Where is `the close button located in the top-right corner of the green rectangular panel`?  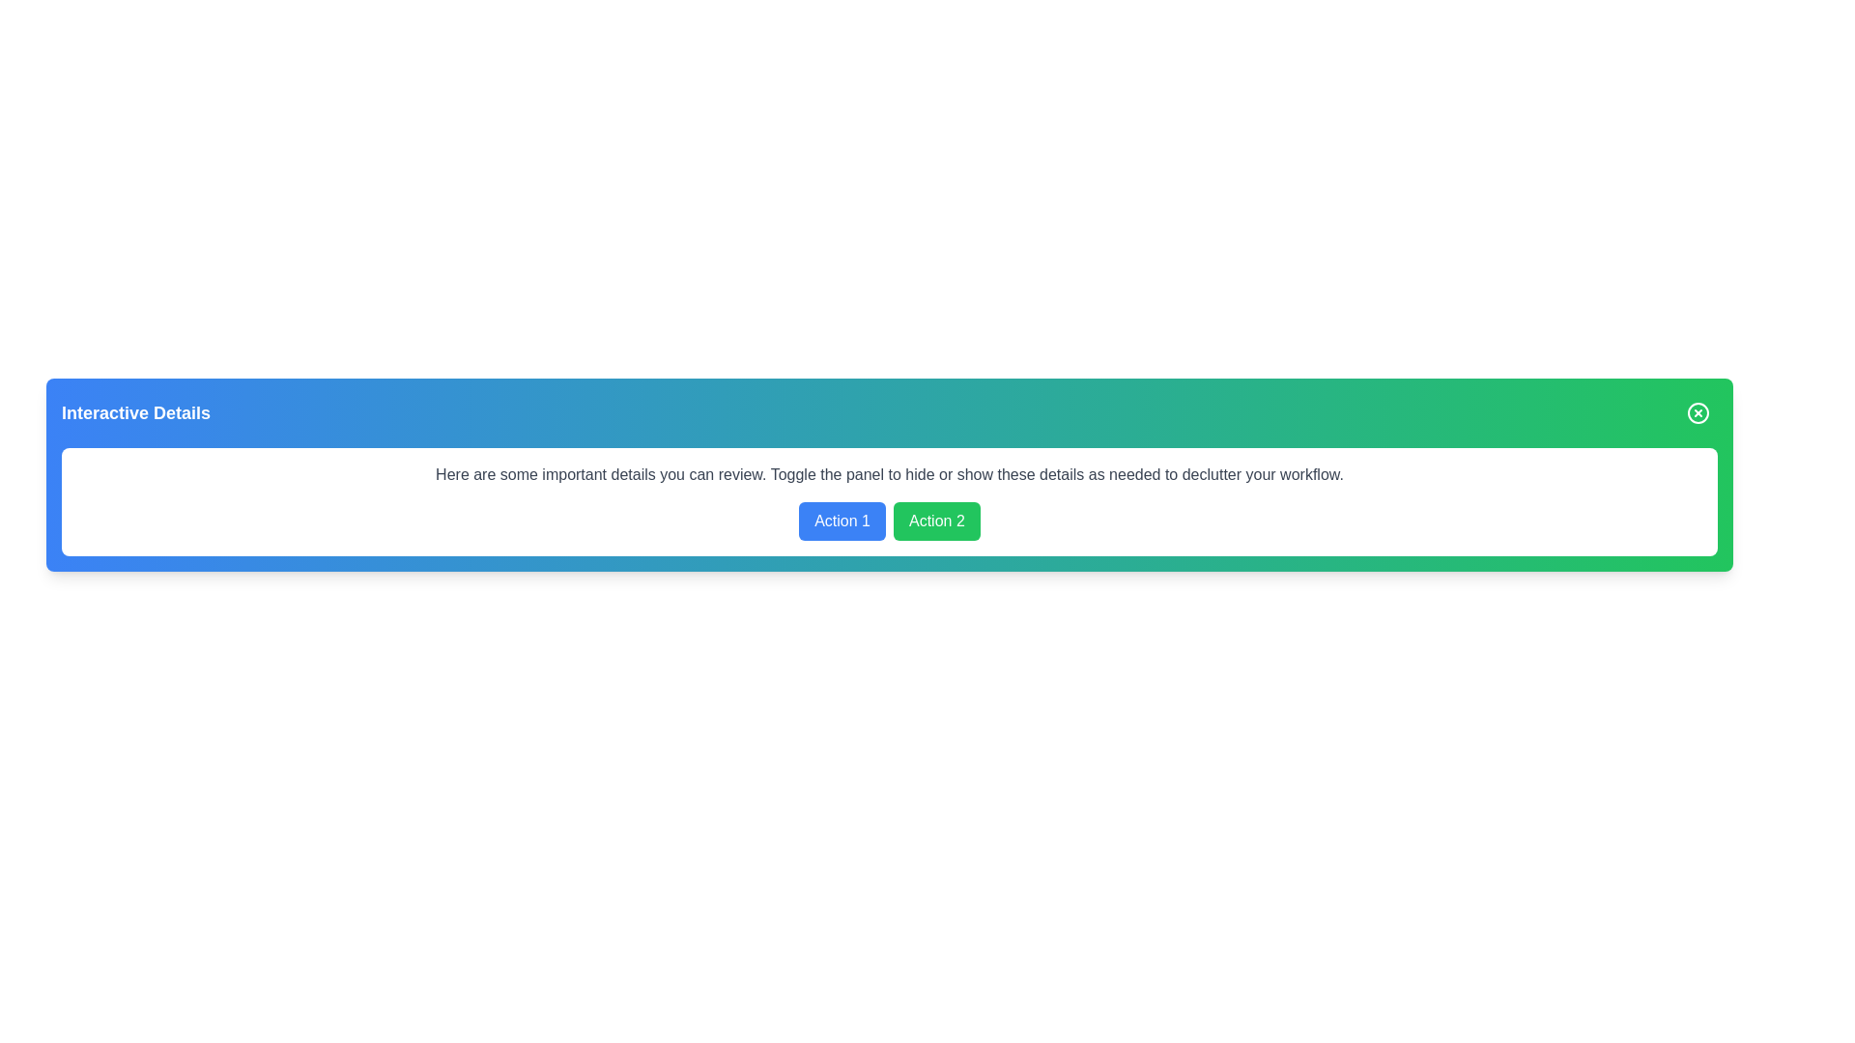 the close button located in the top-right corner of the green rectangular panel is located at coordinates (1697, 412).